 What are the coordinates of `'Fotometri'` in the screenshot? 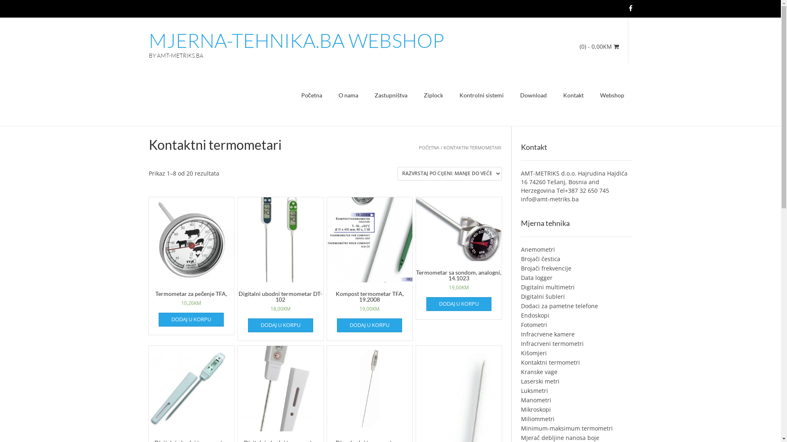 It's located at (521, 324).